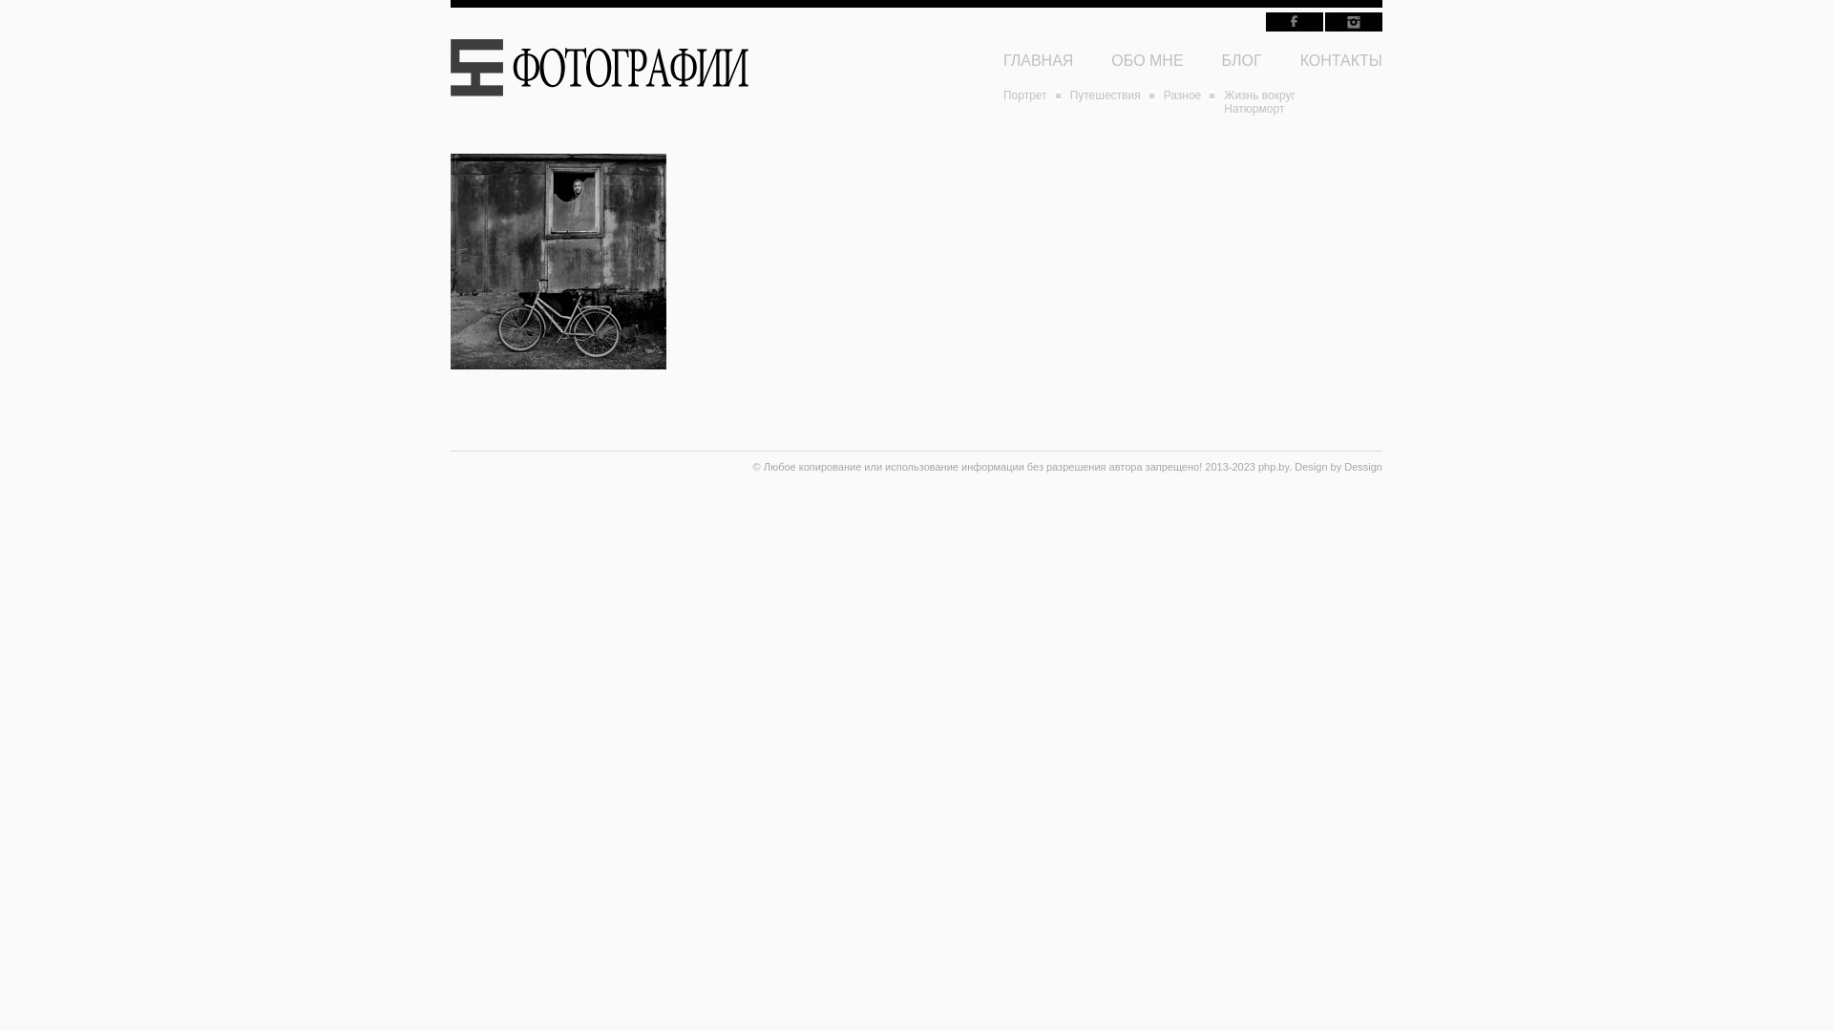 The width and height of the screenshot is (1833, 1031). I want to click on 'Dessign', so click(1342, 467).